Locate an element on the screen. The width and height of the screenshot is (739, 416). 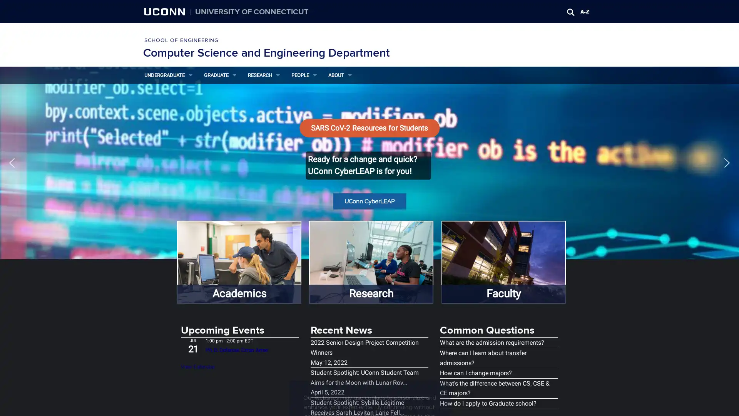
previous arrow is located at coordinates (12, 162).